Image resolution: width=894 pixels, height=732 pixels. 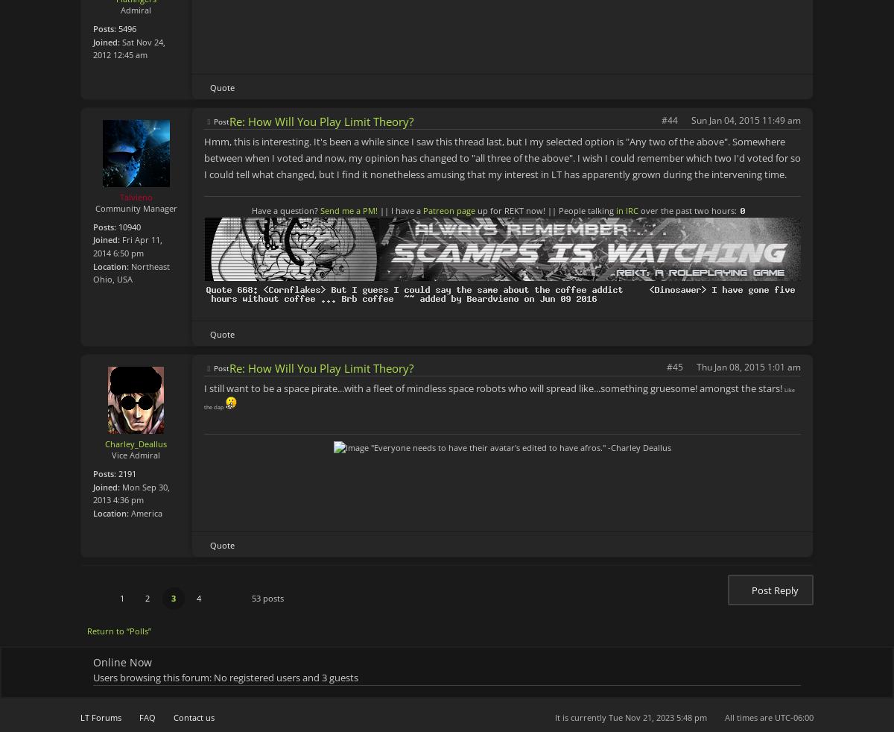 What do you see at coordinates (775, 590) in the screenshot?
I see `'Post Reply'` at bounding box center [775, 590].